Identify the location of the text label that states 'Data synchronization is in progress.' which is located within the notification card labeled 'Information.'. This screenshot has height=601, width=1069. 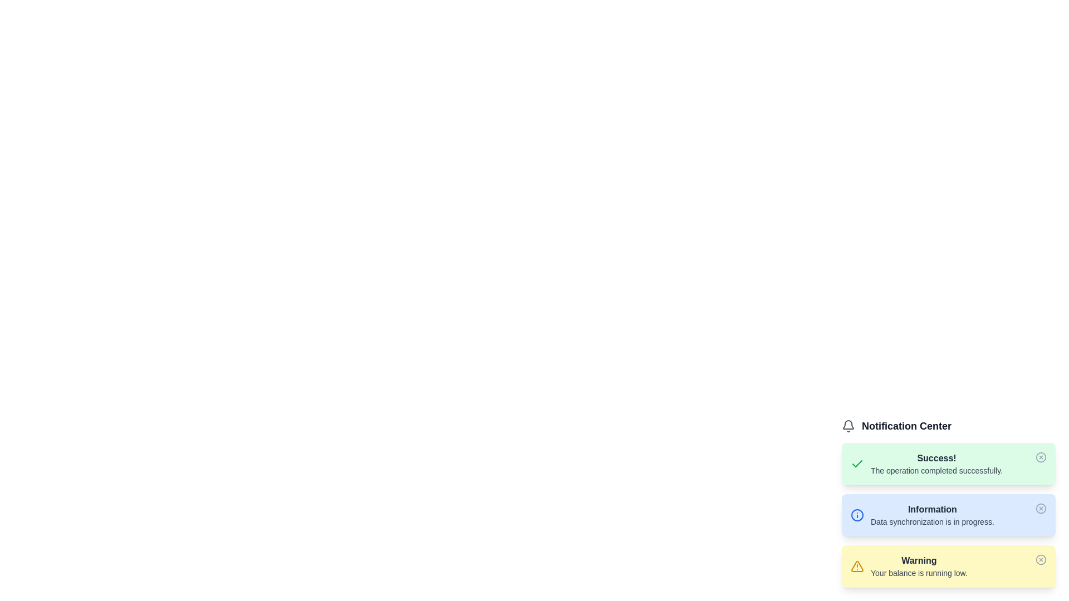
(932, 521).